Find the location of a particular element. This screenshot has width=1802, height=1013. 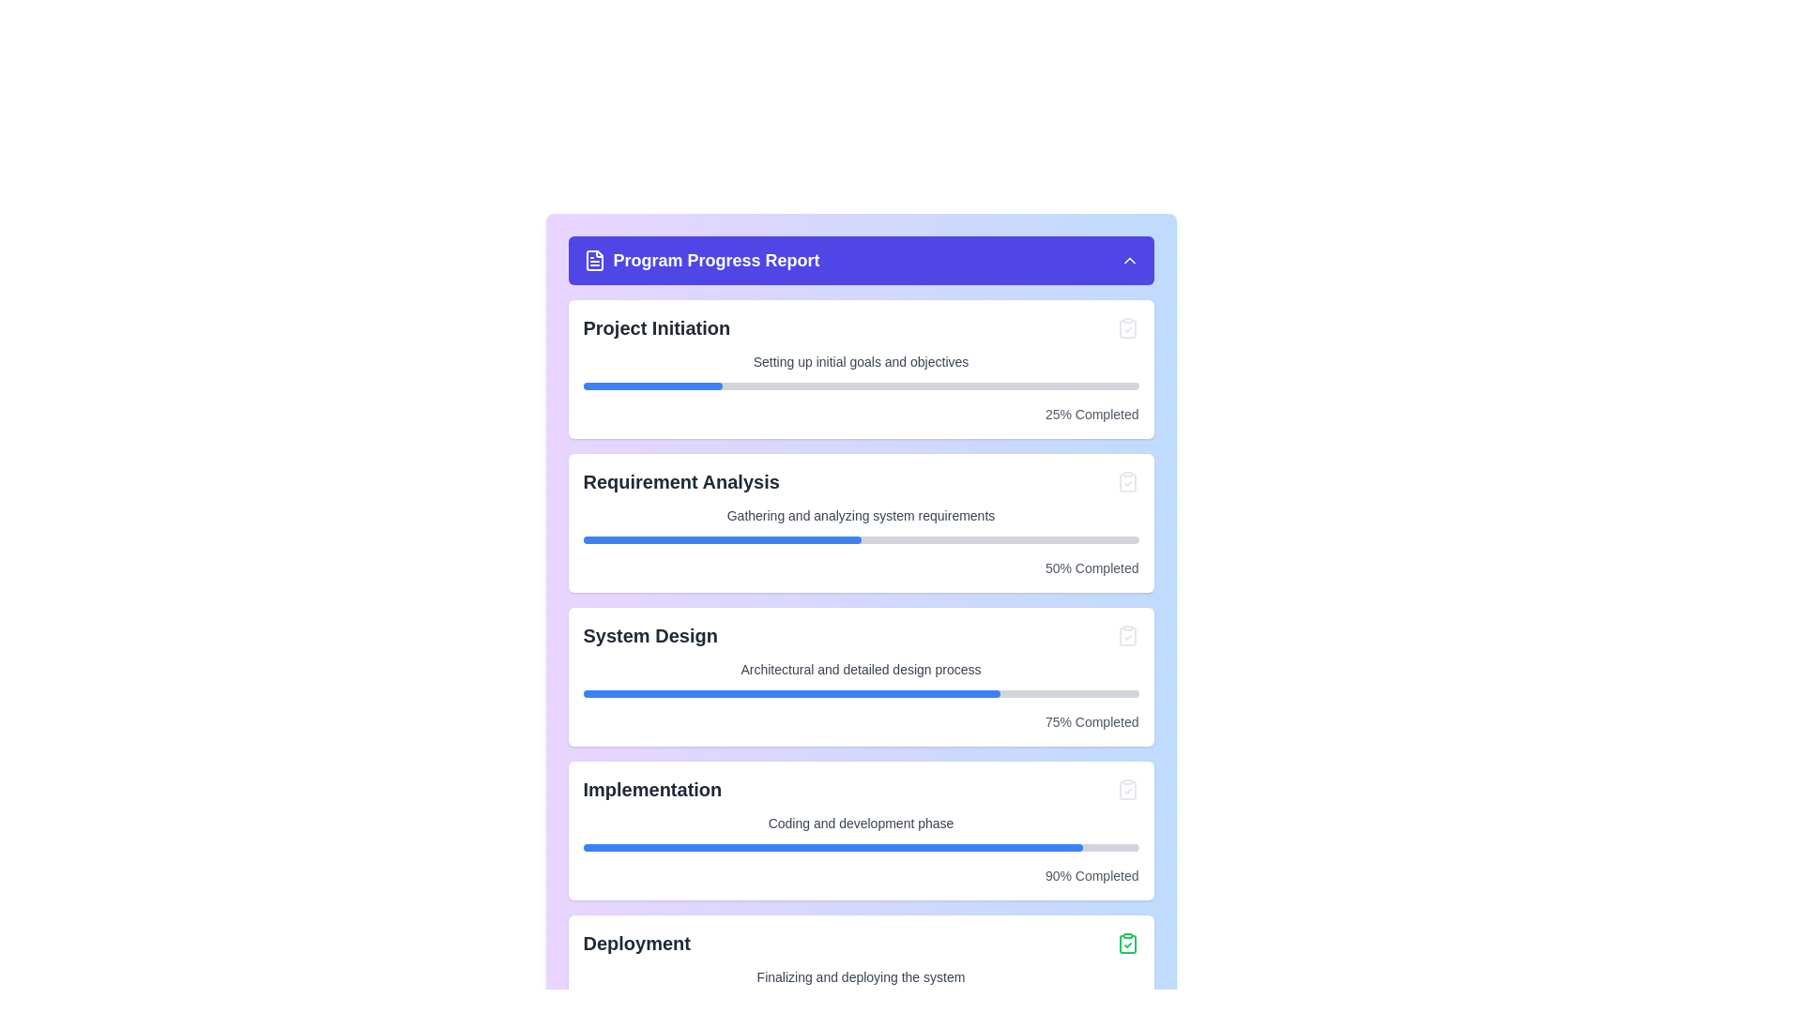

the icon at the far right of the 'Program Progress Report' header is located at coordinates (1128, 260).